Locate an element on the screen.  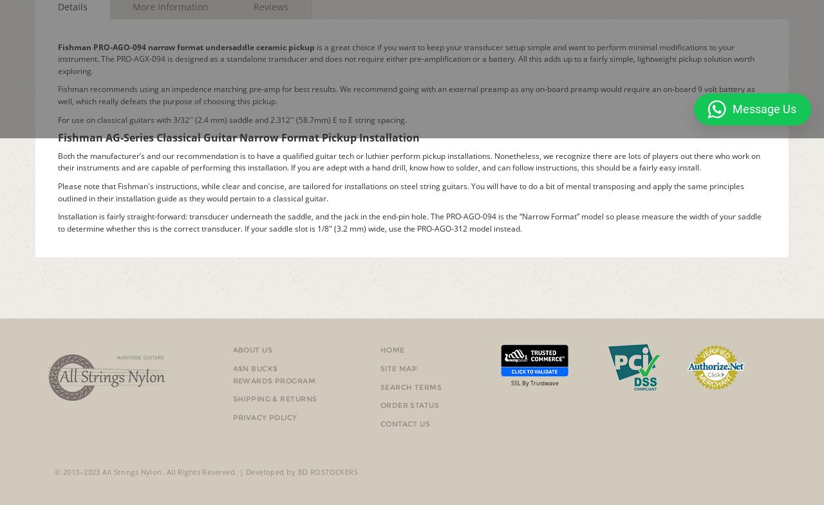
'BD ROSTOCKERS' is located at coordinates (328, 472).